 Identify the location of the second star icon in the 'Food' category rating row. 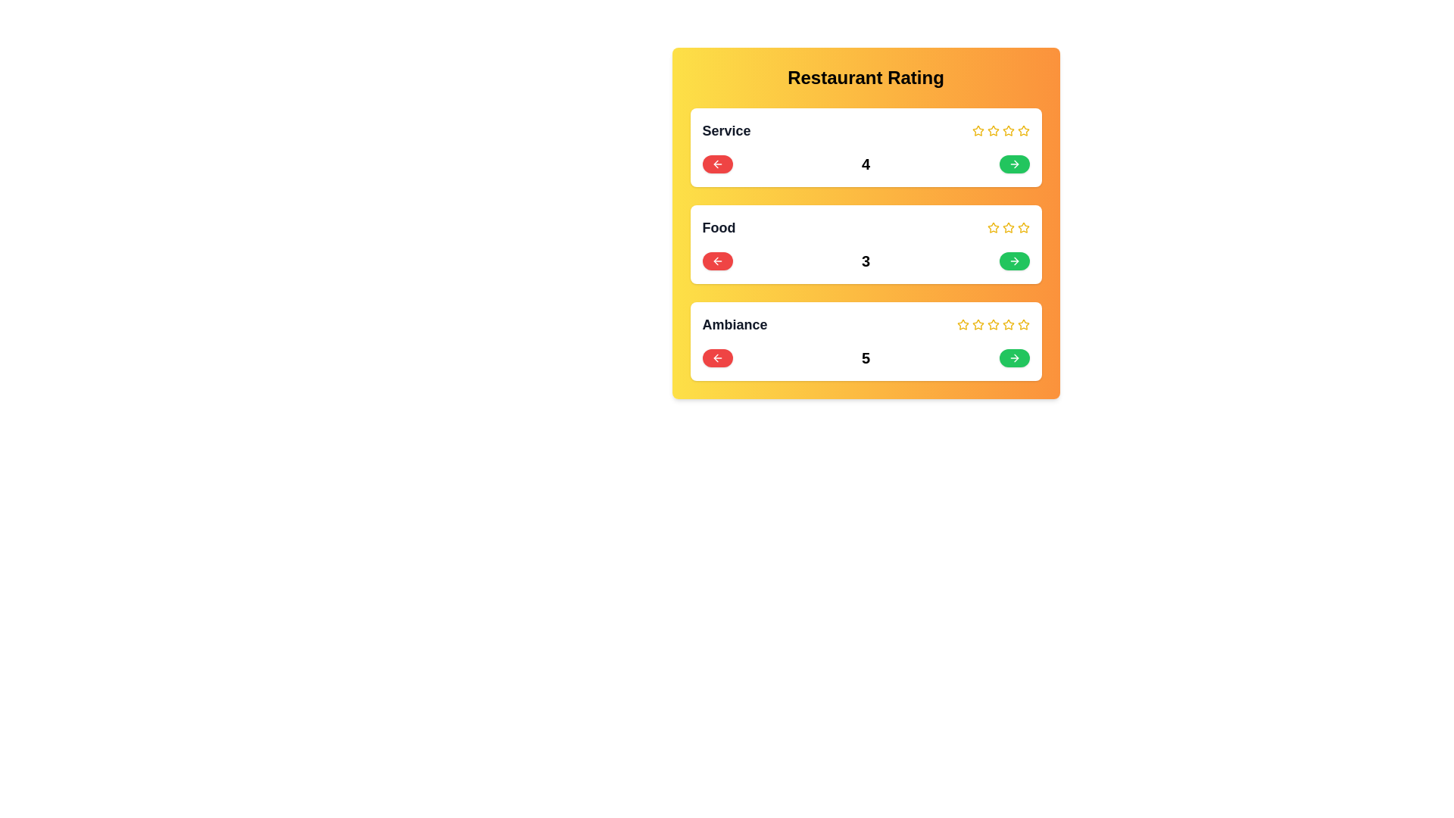
(992, 227).